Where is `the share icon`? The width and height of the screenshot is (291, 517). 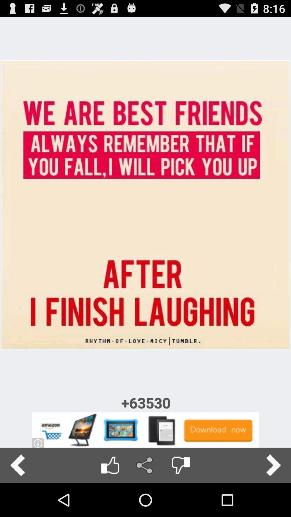 the share icon is located at coordinates (145, 498).